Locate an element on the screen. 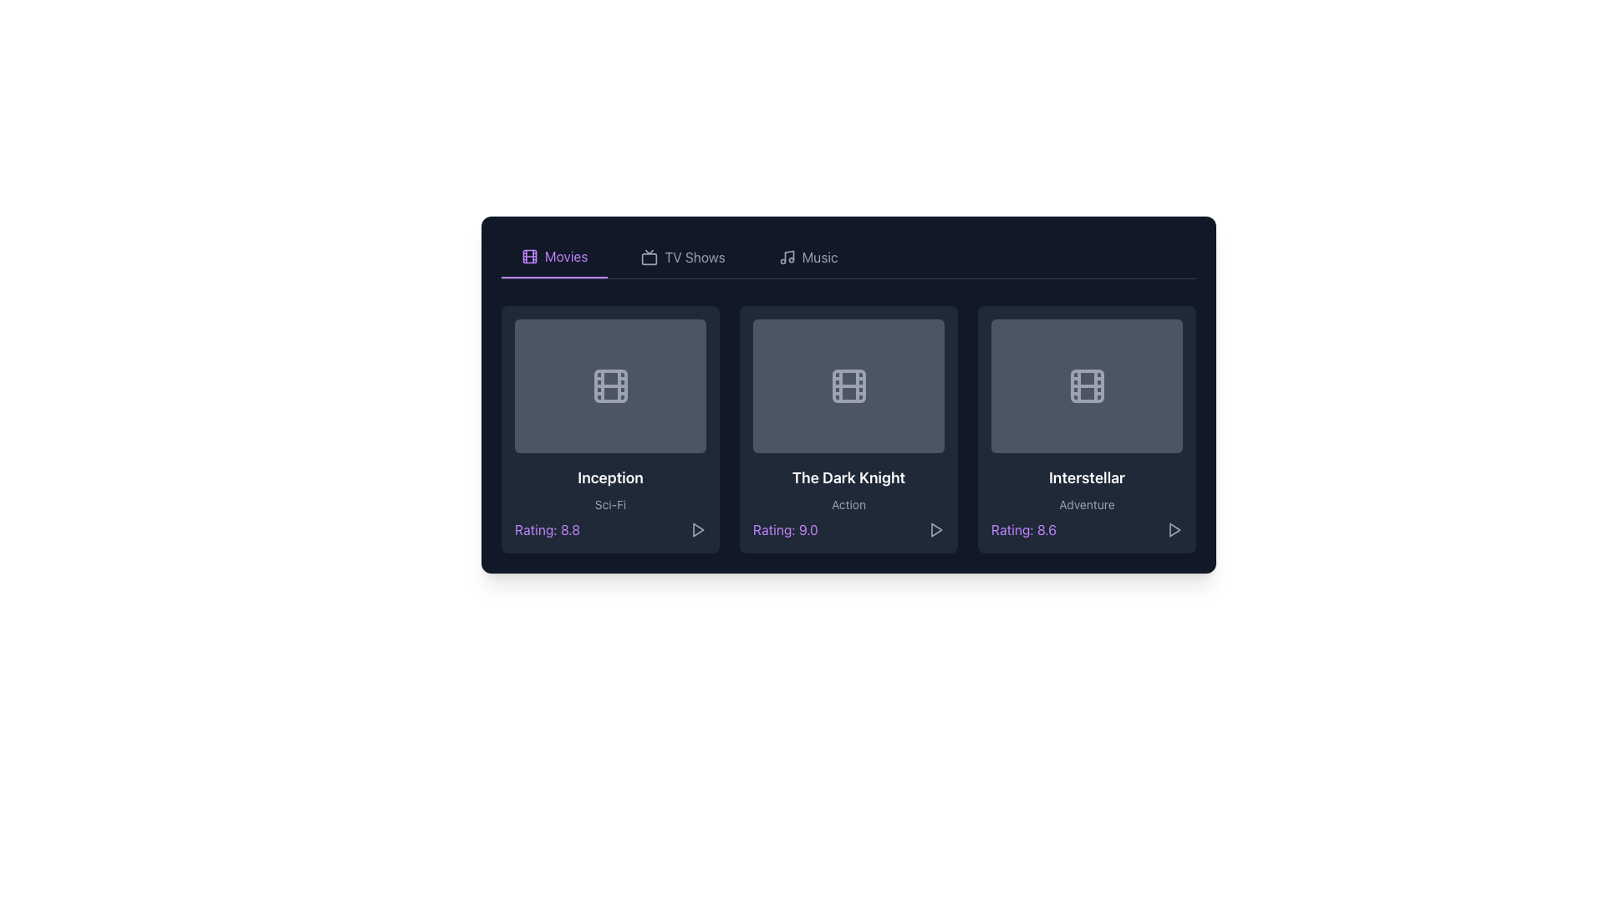 The width and height of the screenshot is (1605, 903). the informative tile representing the movie 'The Dark Knight', which is the second tile in the grid layout between 'Inception' and 'Interstellar' is located at coordinates (848, 428).